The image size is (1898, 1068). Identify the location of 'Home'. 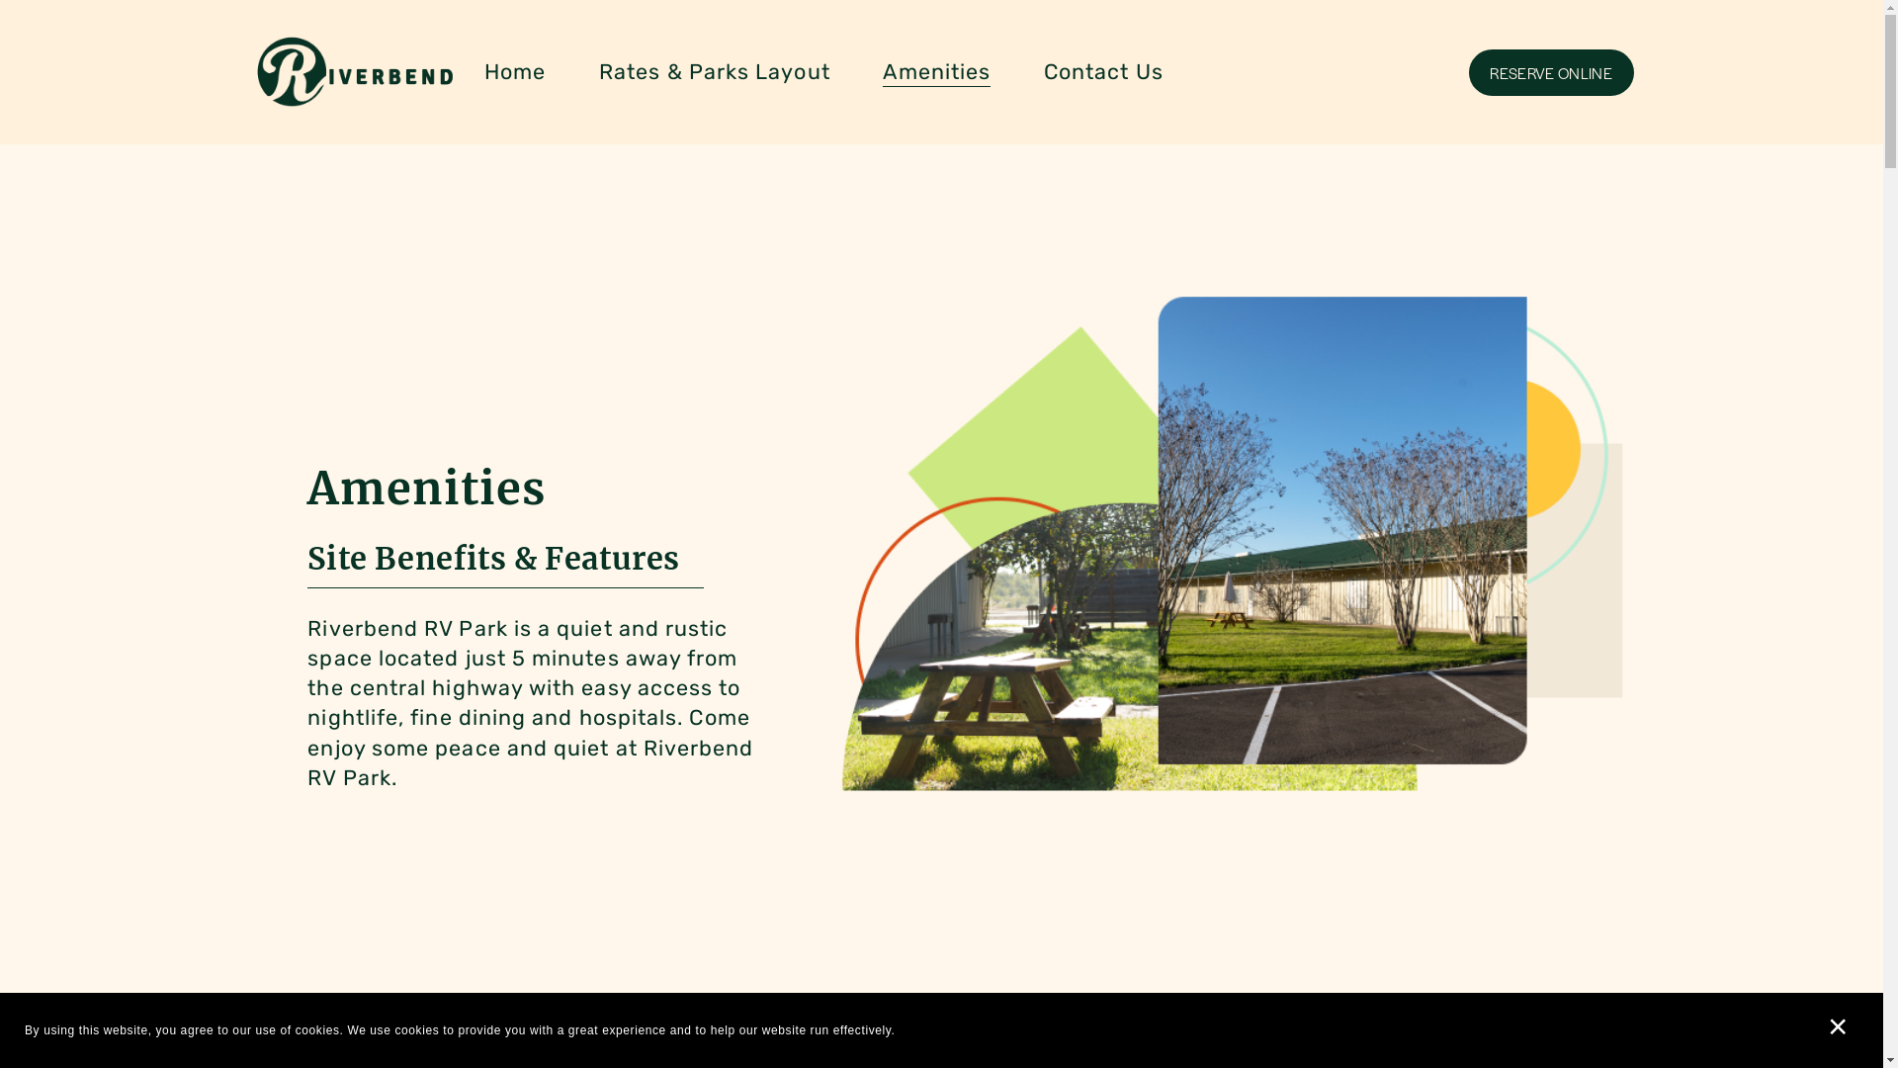
(515, 71).